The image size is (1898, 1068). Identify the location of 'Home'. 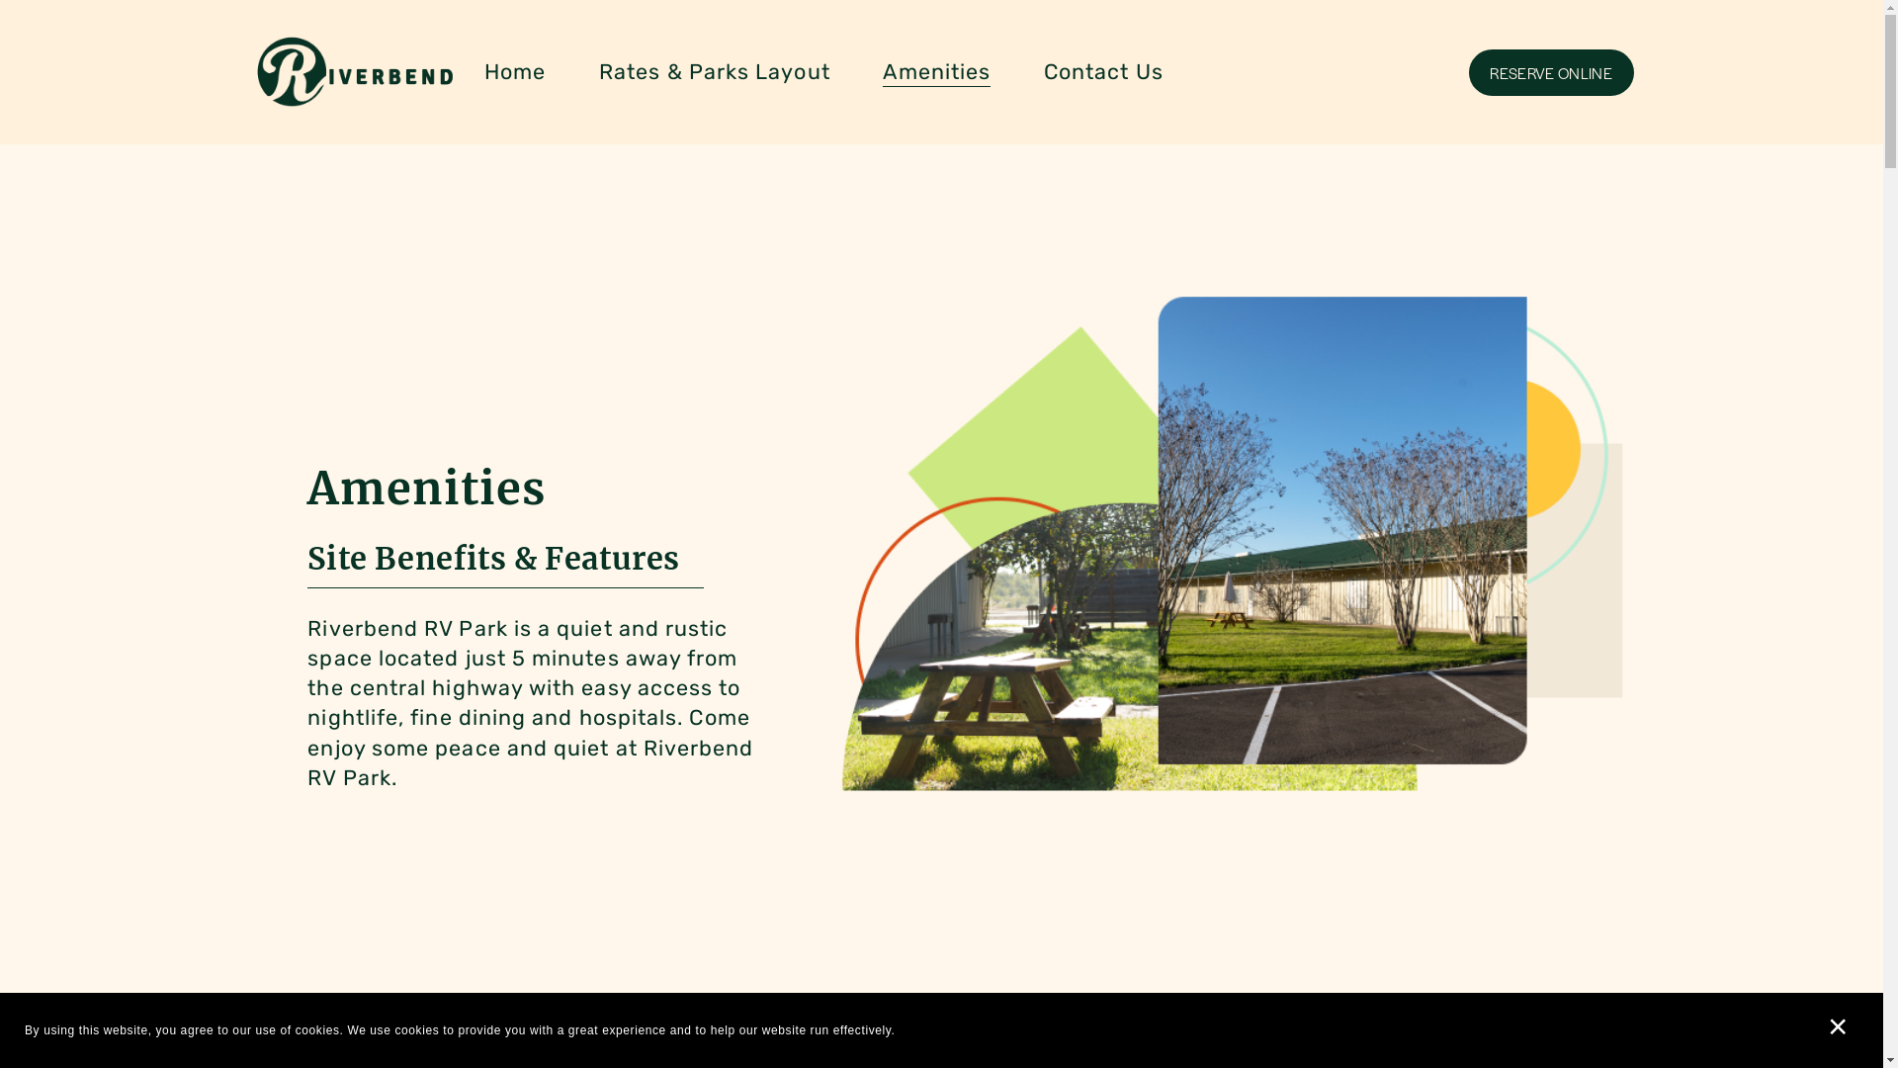
(515, 71).